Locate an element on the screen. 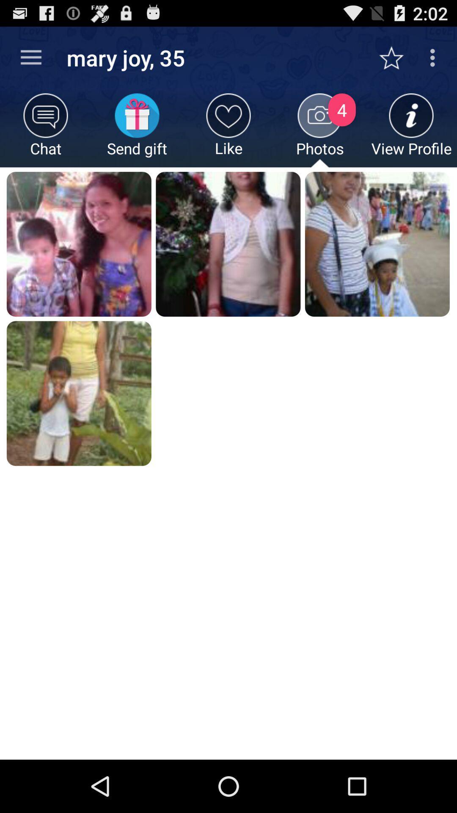 The image size is (457, 813). icon next to view profile item is located at coordinates (320, 130).